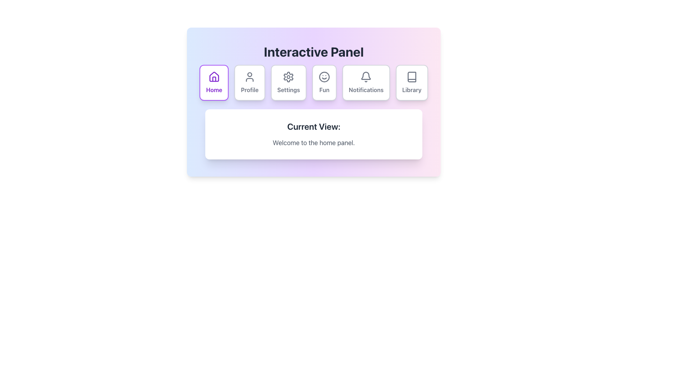 This screenshot has width=689, height=387. Describe the element at coordinates (412, 77) in the screenshot. I see `the 'Library' button, which is represented by an open book icon with a minimalistic design, located at the top-right section of the interface` at that location.